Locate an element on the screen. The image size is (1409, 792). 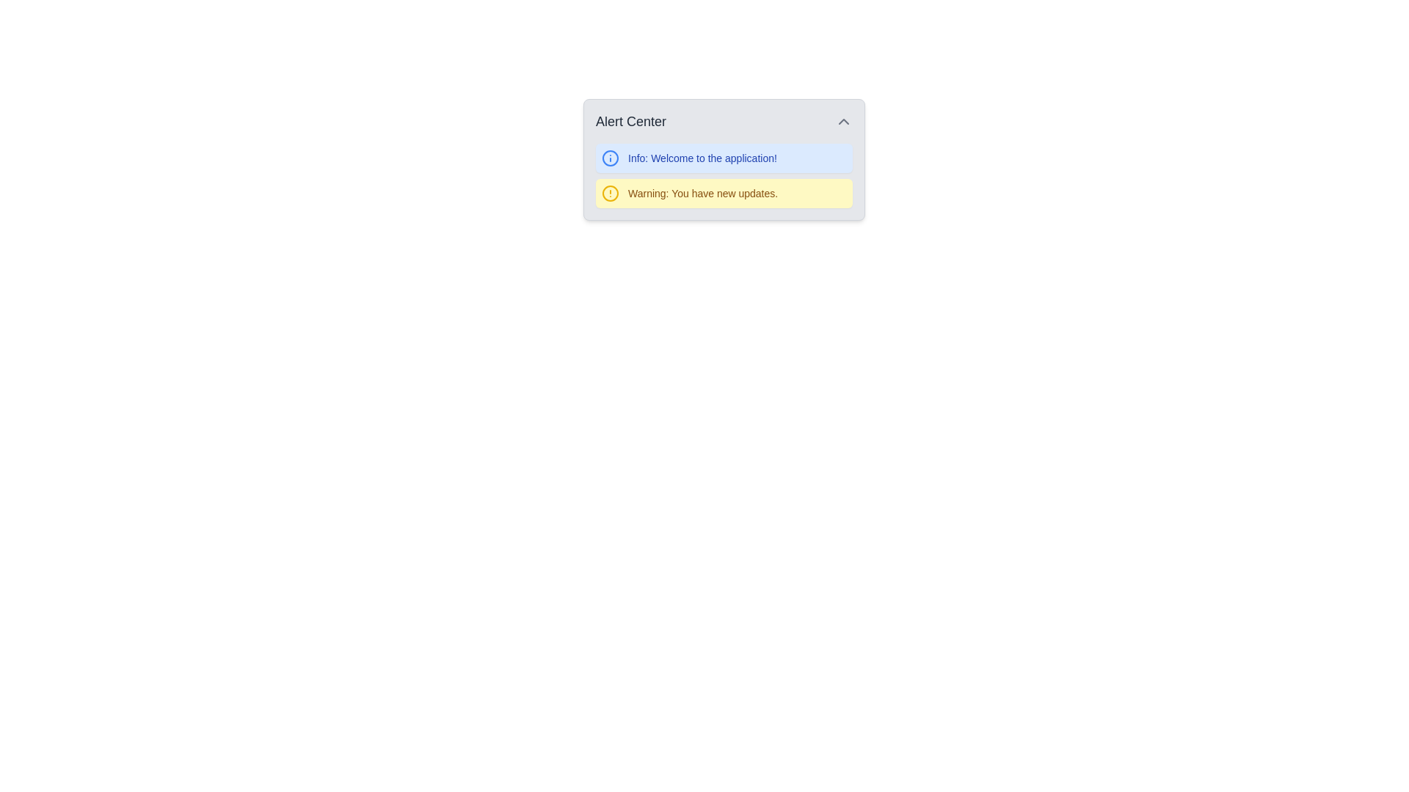
the blue circular outline of the informational alert icon, which is located to the left of the 'Info: Welcome to the application!' text is located at coordinates (610, 158).